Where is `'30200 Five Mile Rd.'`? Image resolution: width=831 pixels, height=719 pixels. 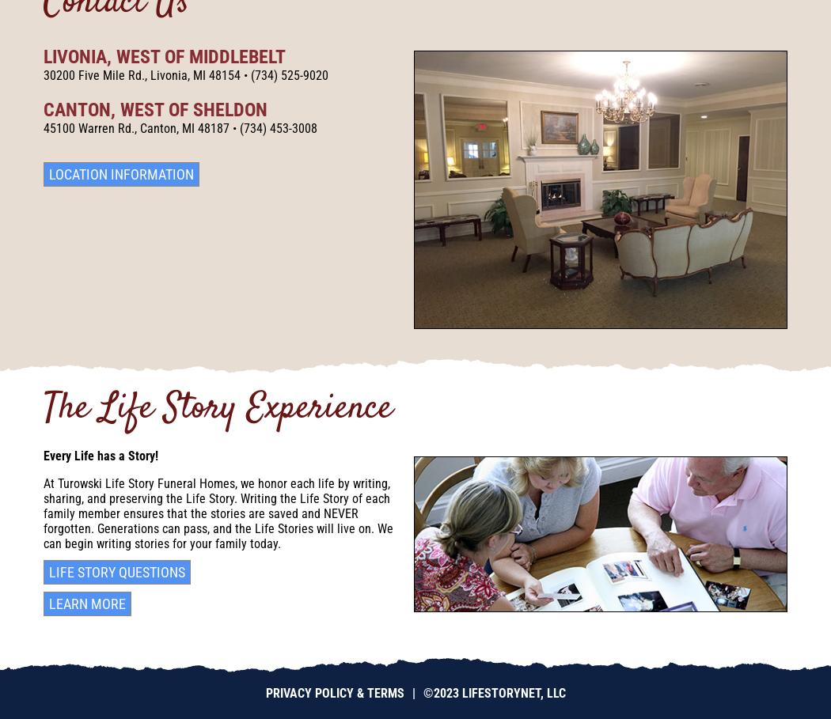 '30200 Five Mile Rd.' is located at coordinates (93, 74).